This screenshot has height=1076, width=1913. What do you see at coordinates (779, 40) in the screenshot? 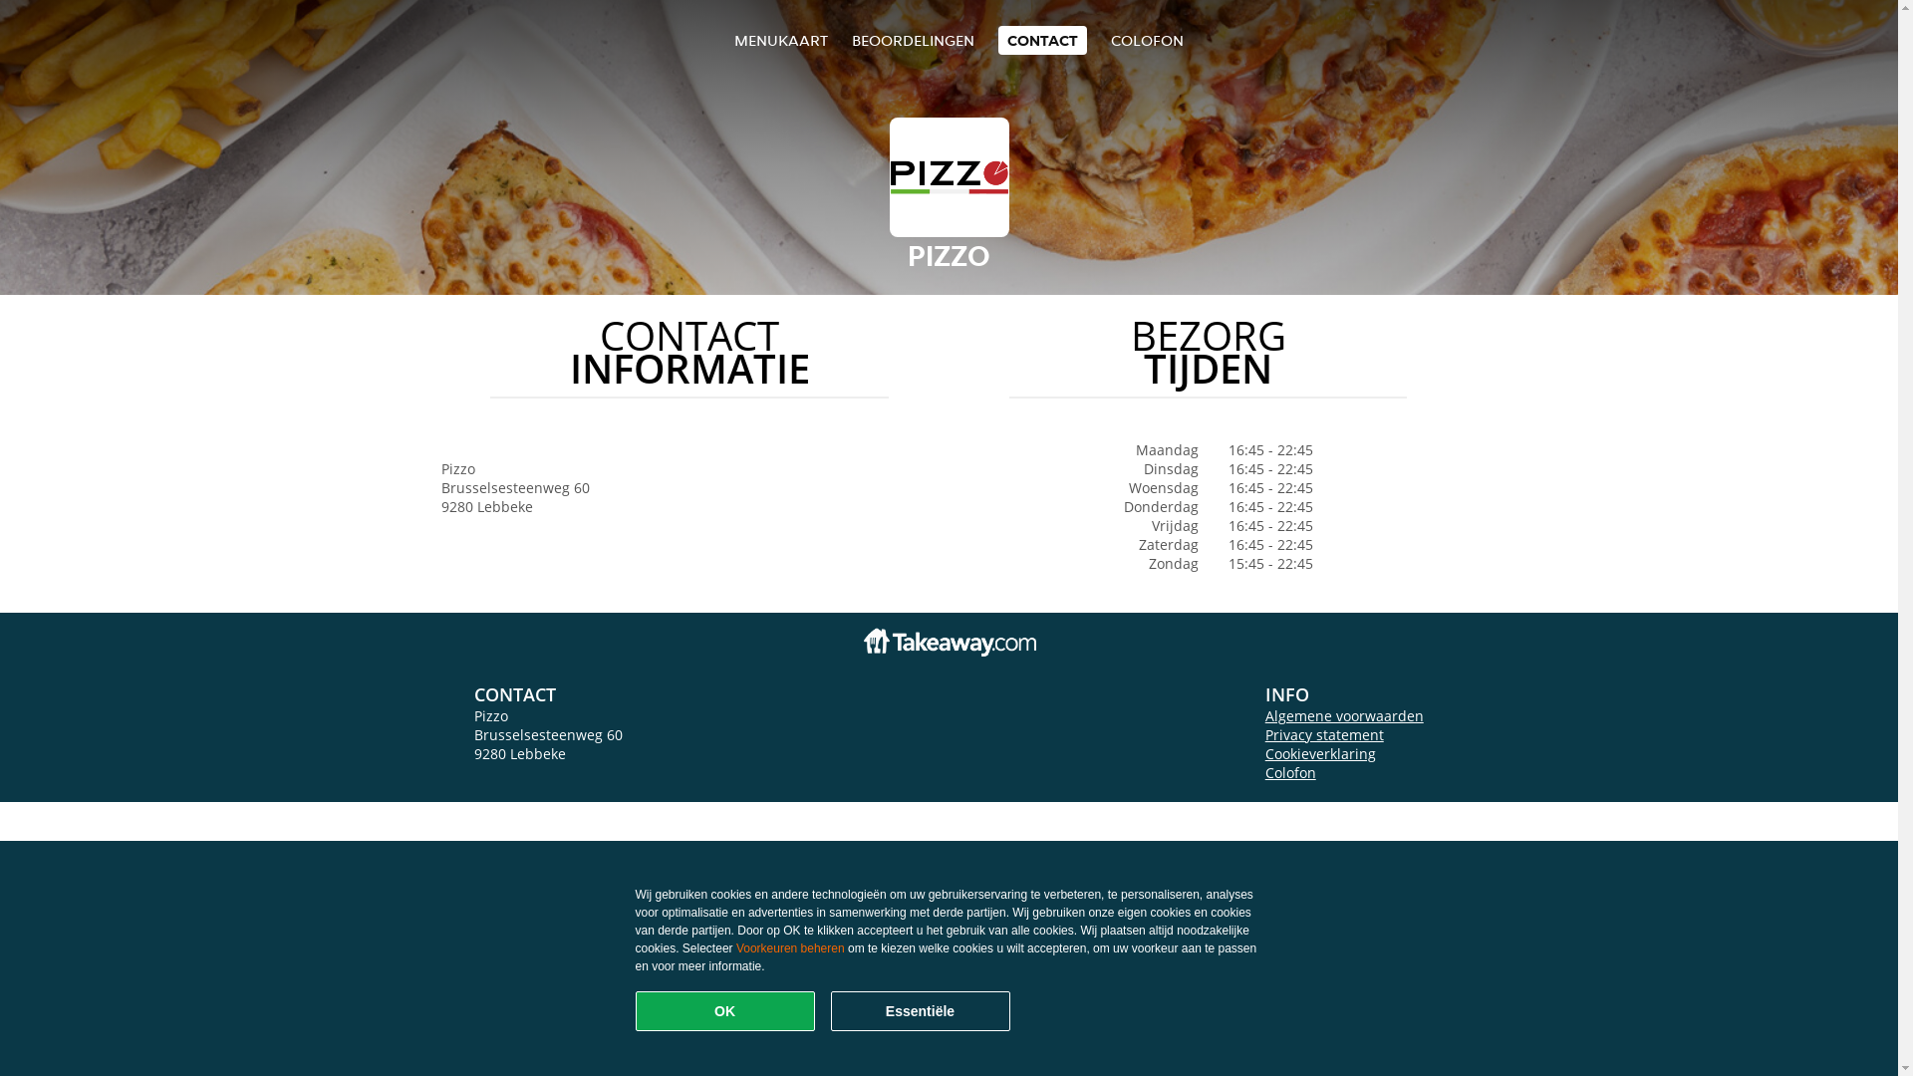
I see `'MENUKAART'` at bounding box center [779, 40].